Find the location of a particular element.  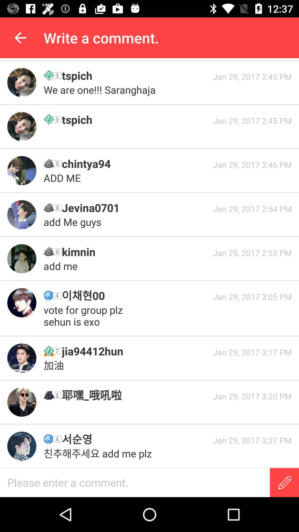

profile is located at coordinates (21, 402).